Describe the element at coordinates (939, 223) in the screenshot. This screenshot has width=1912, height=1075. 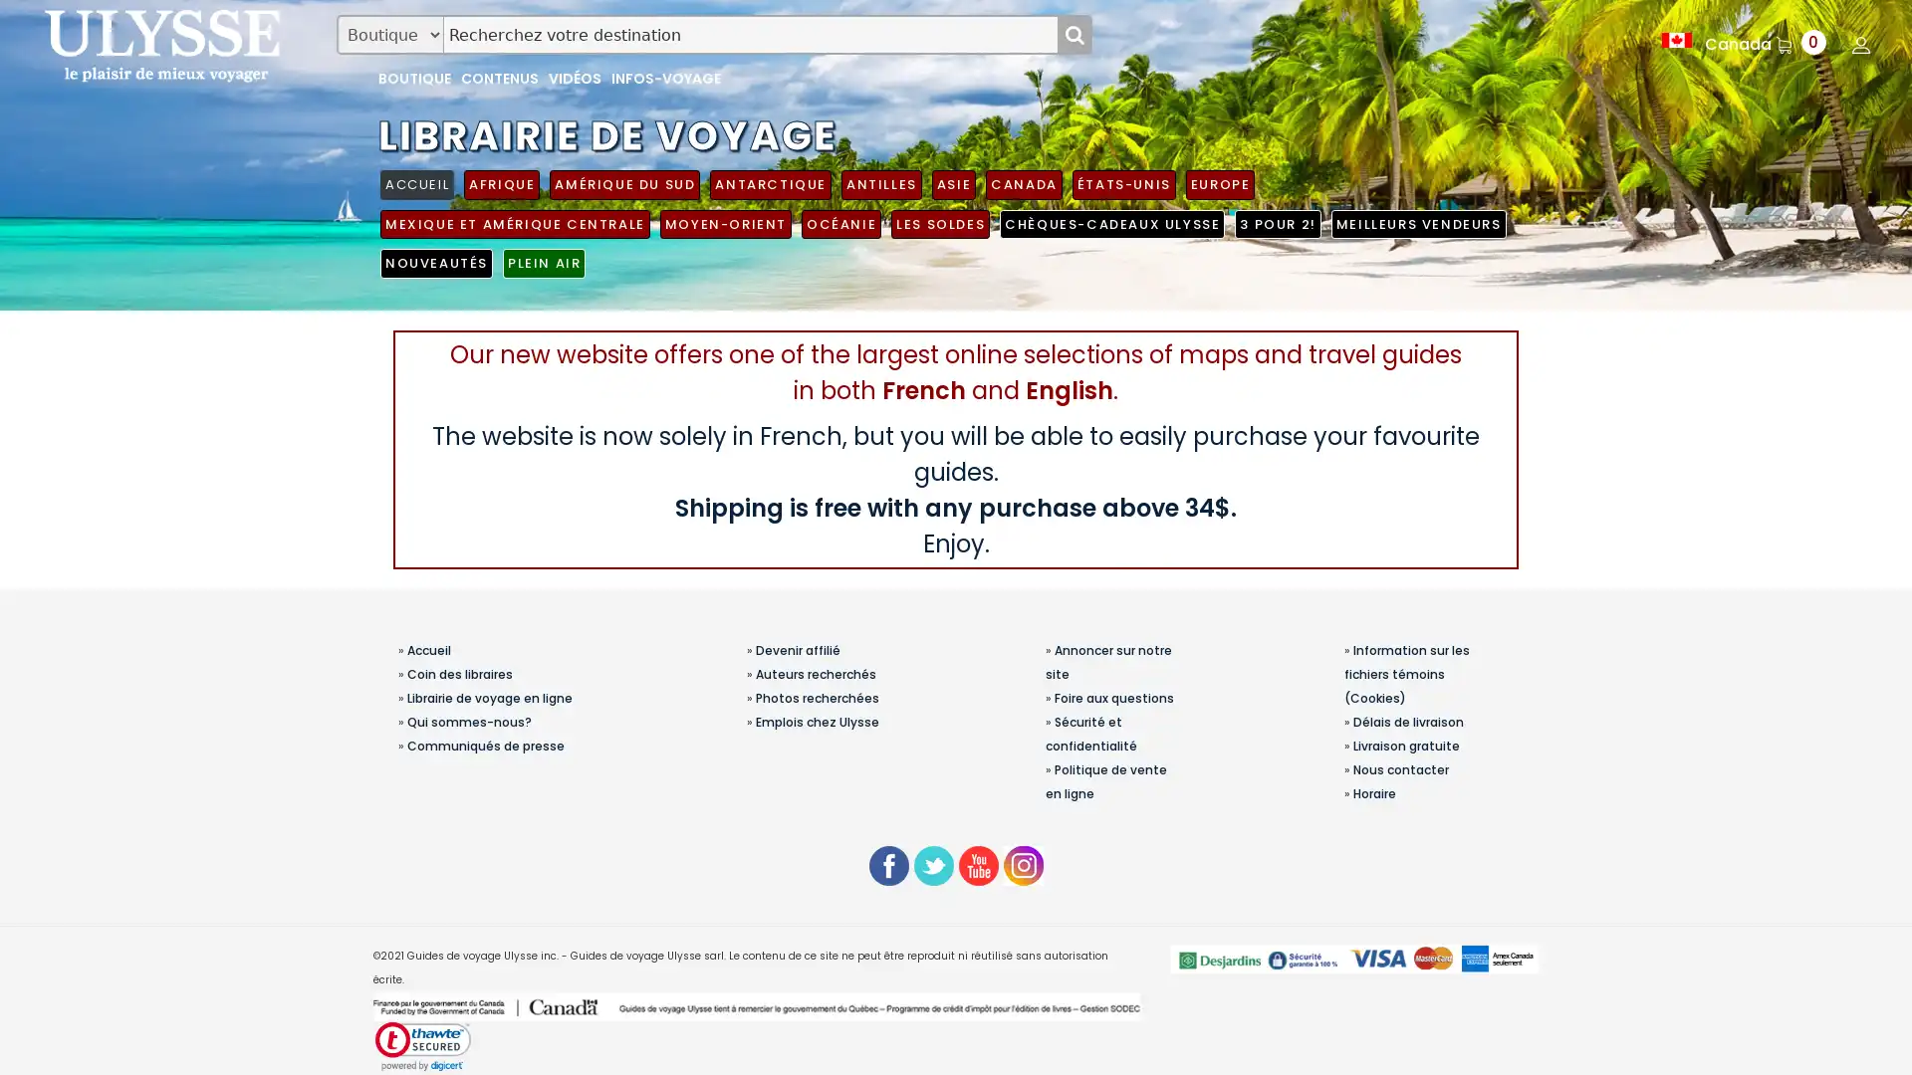
I see `LES SOLDES` at that location.